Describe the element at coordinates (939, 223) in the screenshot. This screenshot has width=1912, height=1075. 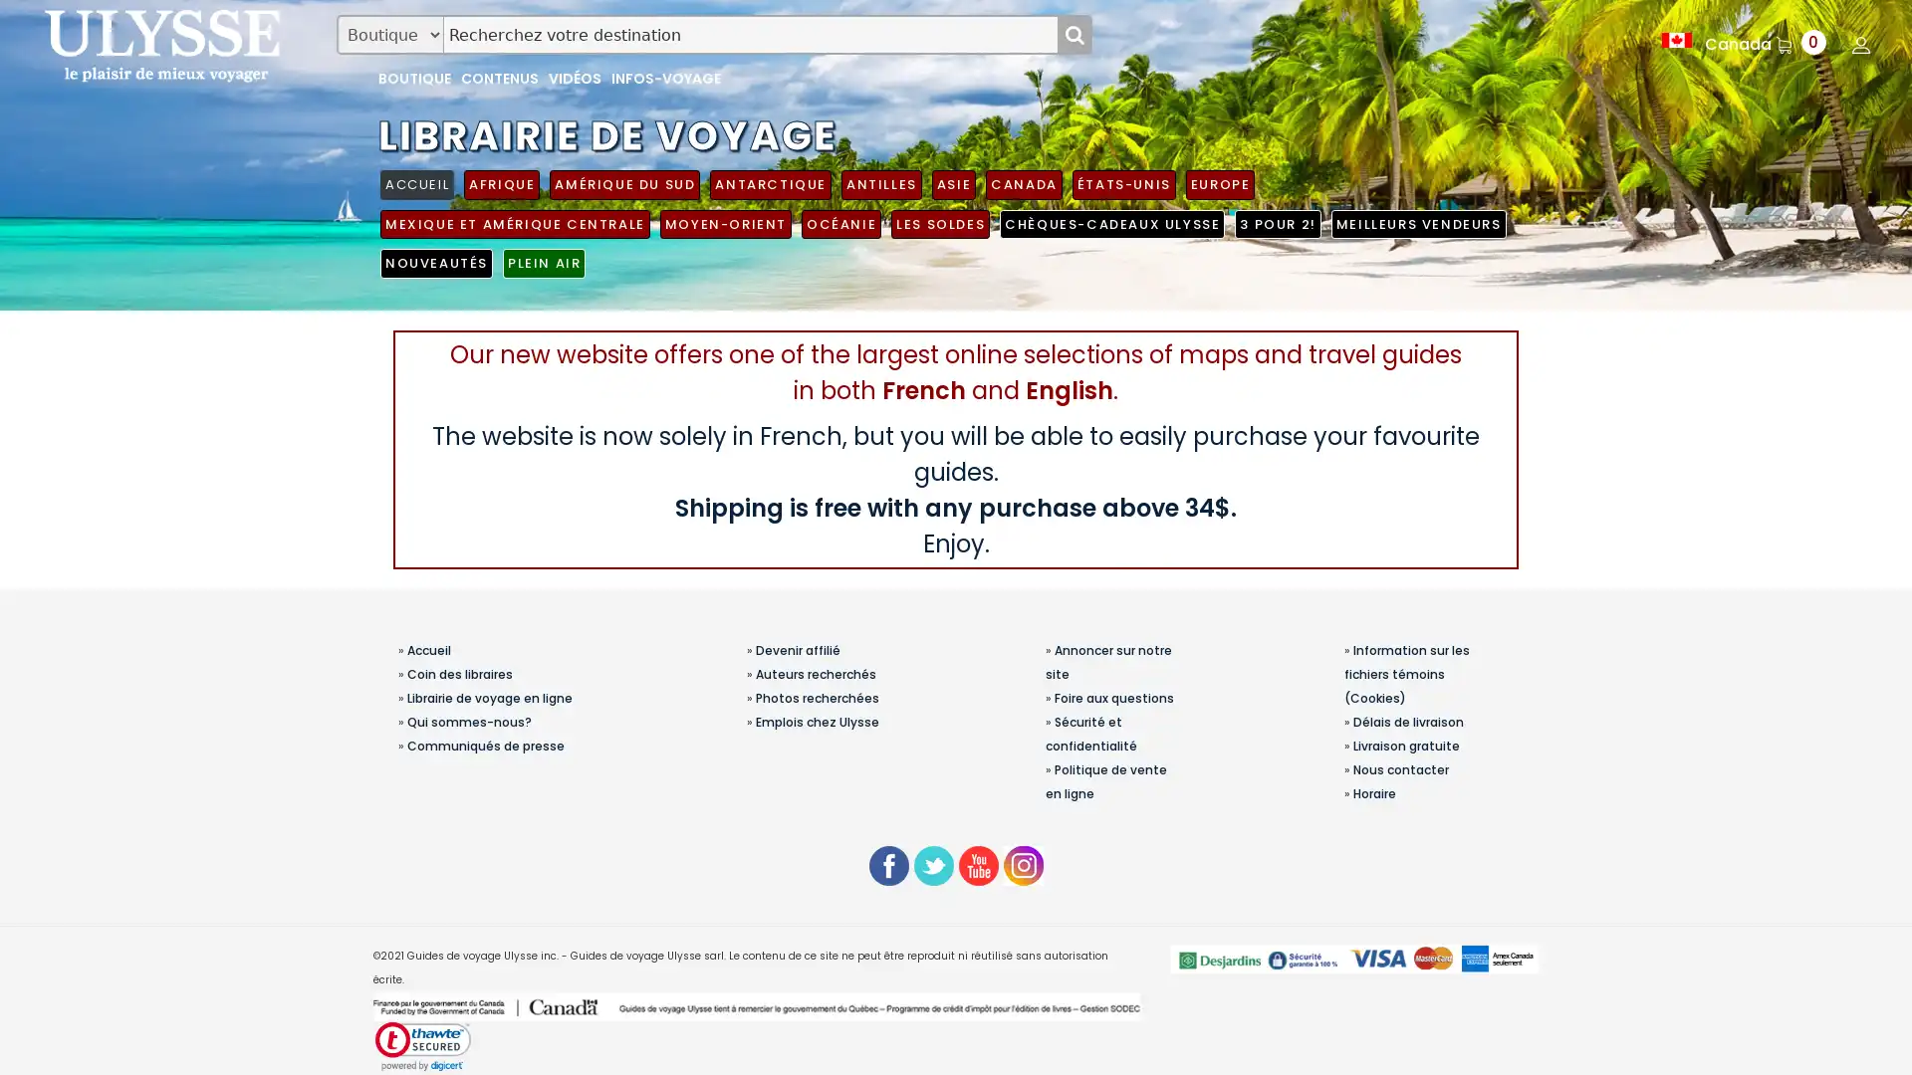
I see `LES SOLDES` at that location.